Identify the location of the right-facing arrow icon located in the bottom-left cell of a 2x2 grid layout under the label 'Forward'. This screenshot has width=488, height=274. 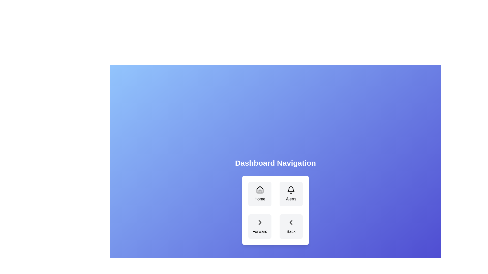
(260, 222).